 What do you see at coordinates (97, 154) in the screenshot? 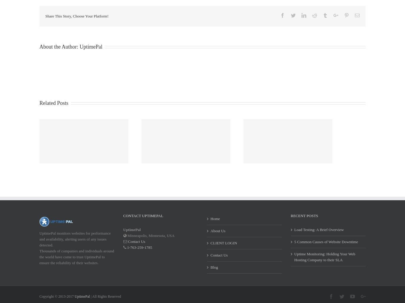
I see `'How Frequently Should You Monitor Your Website?'` at bounding box center [97, 154].